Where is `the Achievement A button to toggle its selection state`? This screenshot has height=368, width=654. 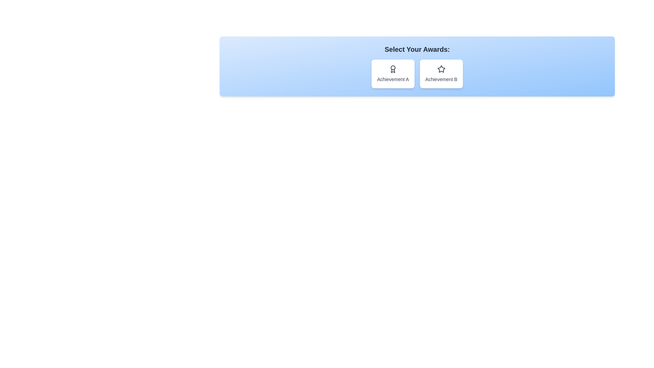 the Achievement A button to toggle its selection state is located at coordinates (393, 74).